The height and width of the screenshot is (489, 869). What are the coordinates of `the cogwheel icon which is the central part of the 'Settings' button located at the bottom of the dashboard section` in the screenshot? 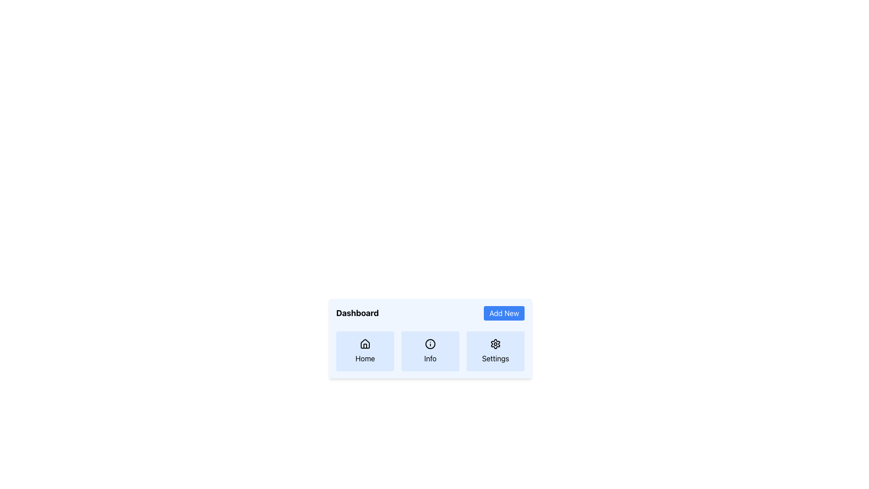 It's located at (495, 344).